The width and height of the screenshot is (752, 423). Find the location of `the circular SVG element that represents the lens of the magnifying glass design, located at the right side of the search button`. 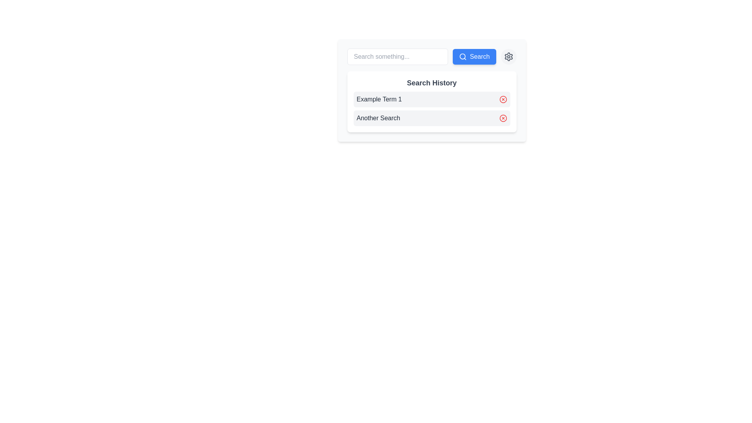

the circular SVG element that represents the lens of the magnifying glass design, located at the right side of the search button is located at coordinates (462, 56).